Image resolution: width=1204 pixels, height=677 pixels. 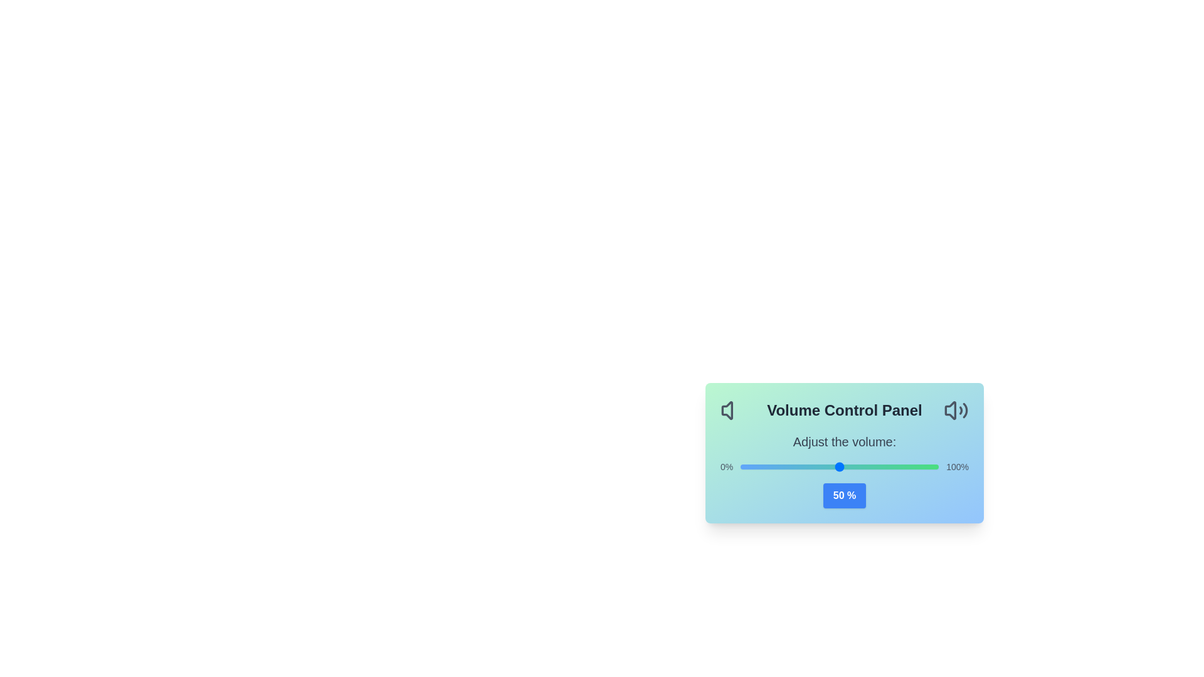 I want to click on the volume slider to 72%, so click(x=882, y=466).